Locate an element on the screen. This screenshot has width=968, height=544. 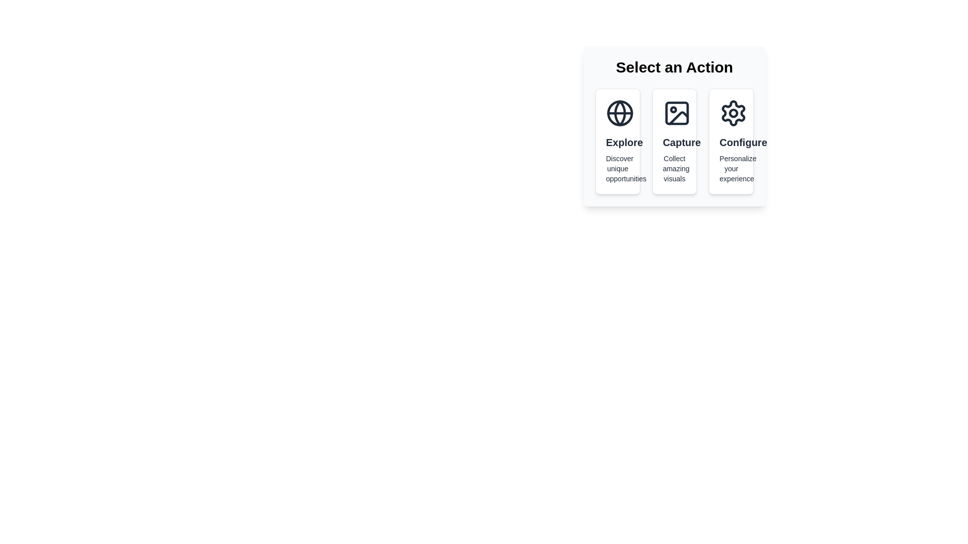
the central icon of the 'Capture' option, which is the second selectable choice in the interface, to perform the actions it signifies is located at coordinates (677, 113).